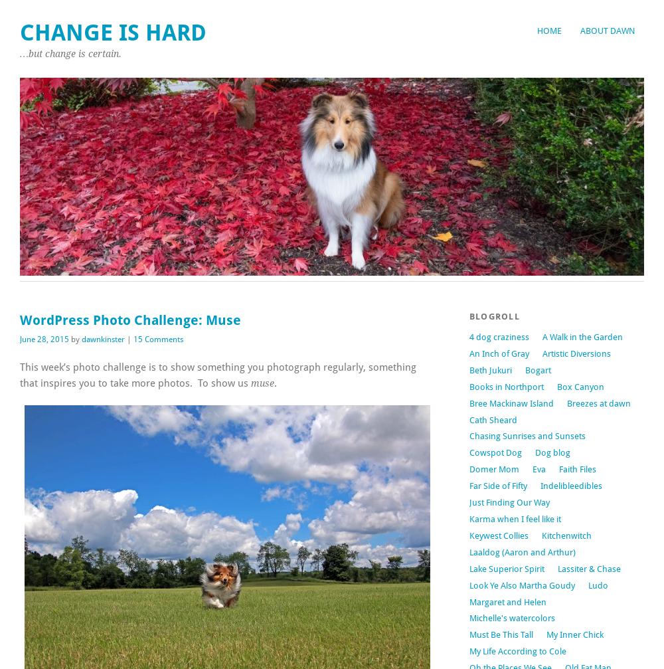 This screenshot has height=669, width=664. I want to click on 'muse', so click(262, 383).